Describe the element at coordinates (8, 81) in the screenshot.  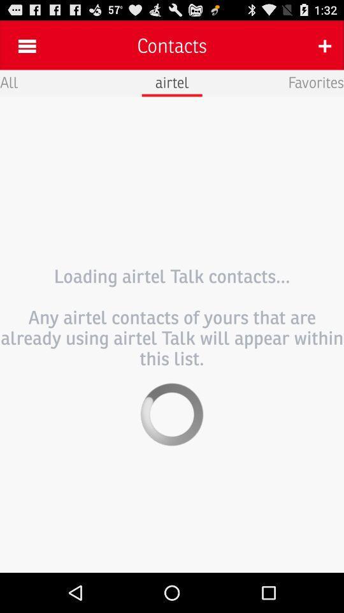
I see `the app next to airtel app` at that location.